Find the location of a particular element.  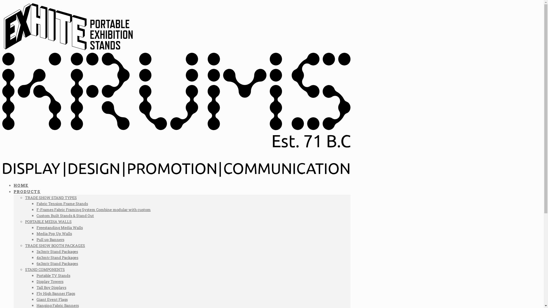

'PORTABLE MEDIA WALLS' is located at coordinates (48, 221).